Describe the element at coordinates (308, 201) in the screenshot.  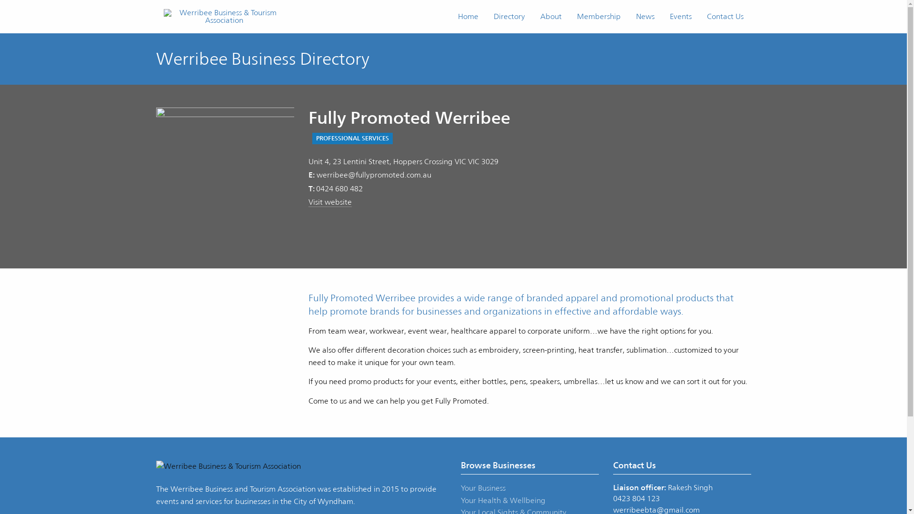
I see `'Visit website'` at that location.